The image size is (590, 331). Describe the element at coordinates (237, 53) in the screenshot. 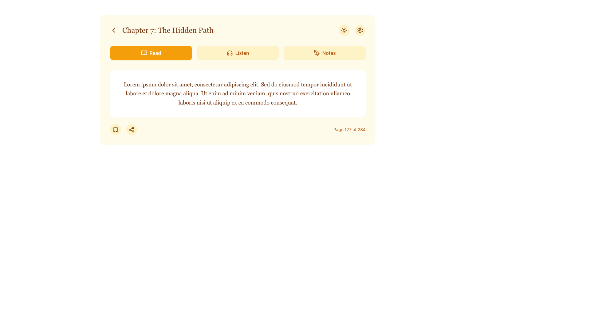

I see `the 'Listen' button, which has a light amber background, darker amber text, and an icon of headphones` at that location.